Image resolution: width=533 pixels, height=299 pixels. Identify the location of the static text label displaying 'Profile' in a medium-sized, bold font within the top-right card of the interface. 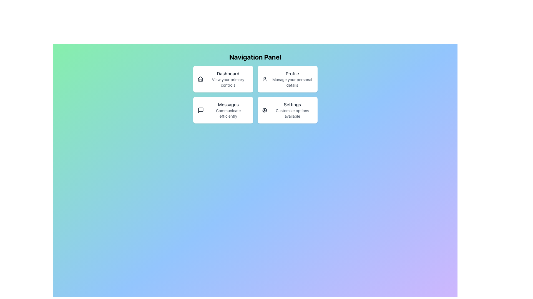
(292, 73).